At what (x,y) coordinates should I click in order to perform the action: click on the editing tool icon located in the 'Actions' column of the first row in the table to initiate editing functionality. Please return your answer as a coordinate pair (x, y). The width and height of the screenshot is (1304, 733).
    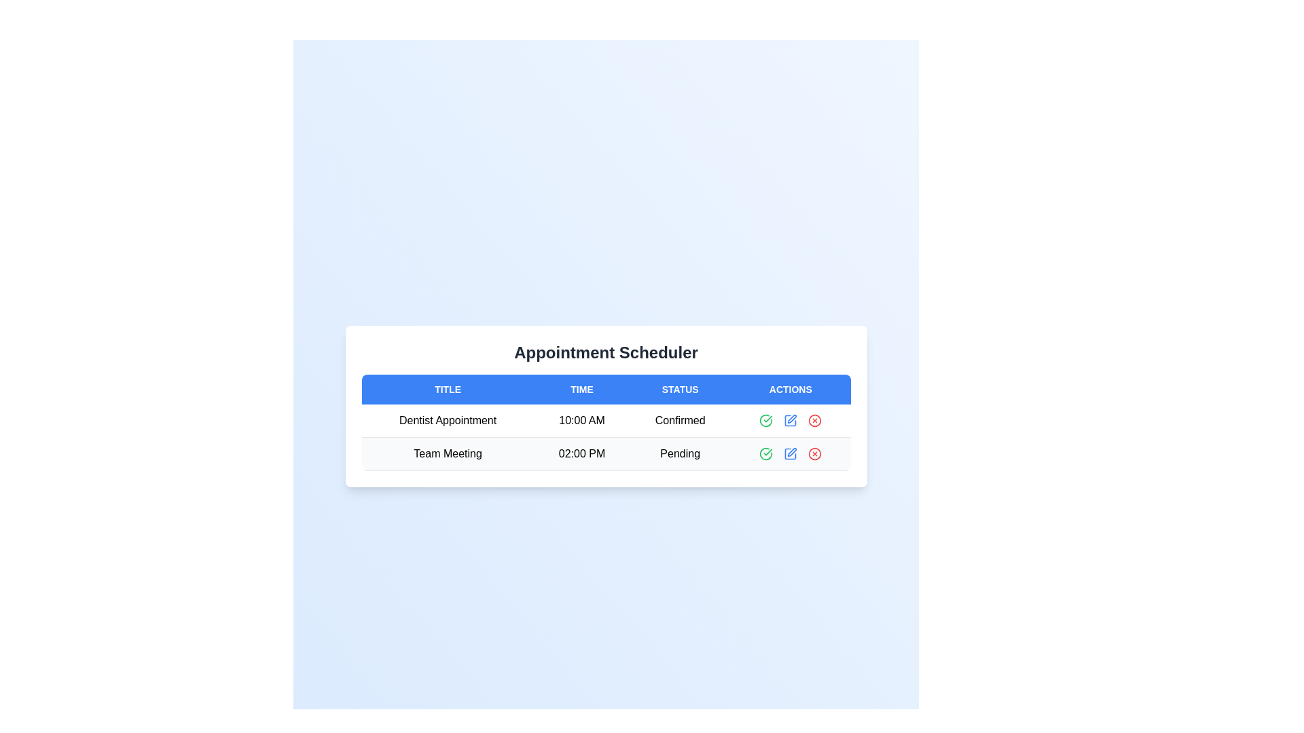
    Looking at the image, I should click on (791, 420).